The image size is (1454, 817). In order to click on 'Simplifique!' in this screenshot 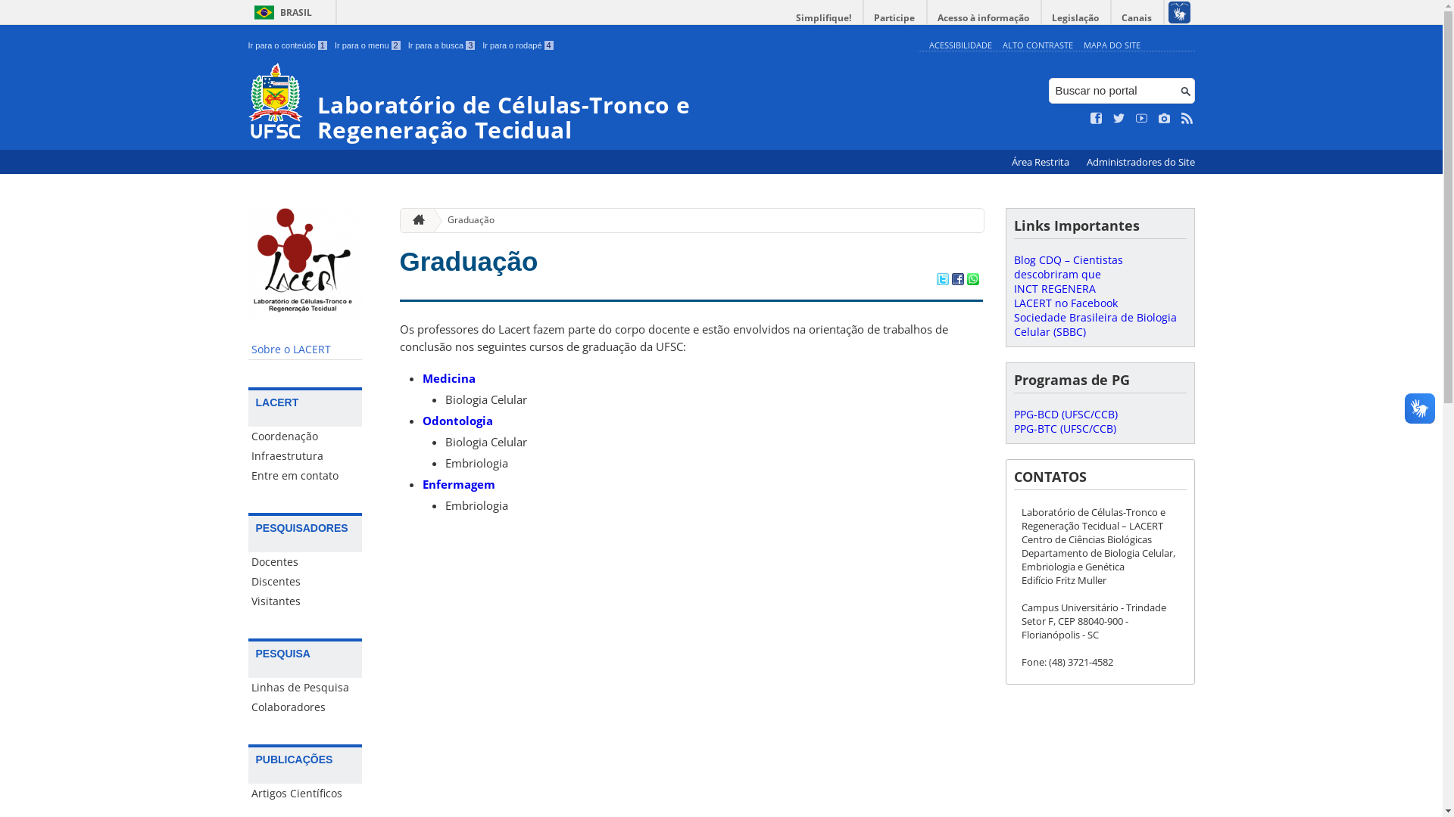, I will do `click(823, 17)`.